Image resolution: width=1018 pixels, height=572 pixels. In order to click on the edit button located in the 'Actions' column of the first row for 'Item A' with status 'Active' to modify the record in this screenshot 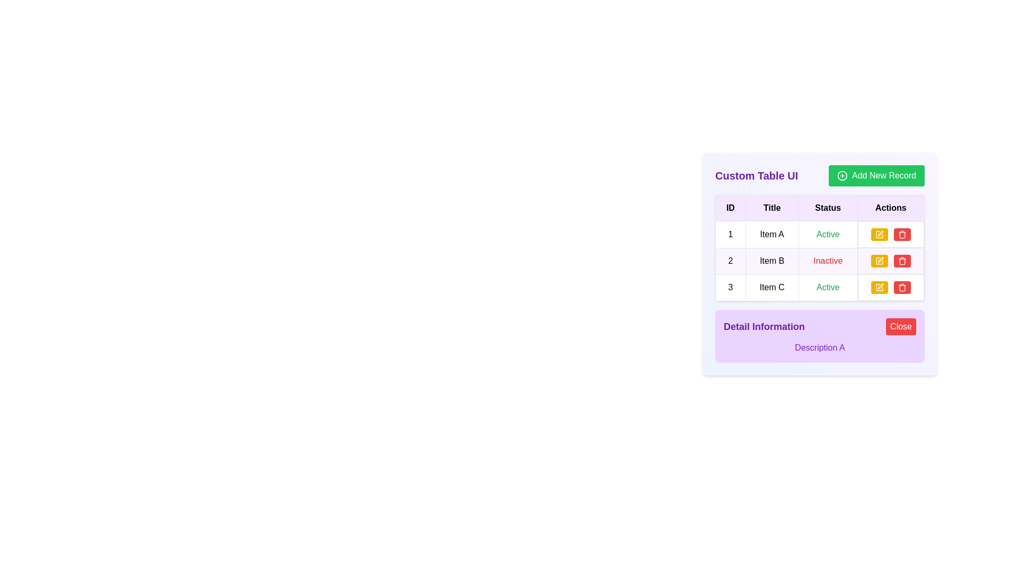, I will do `click(891, 234)`.